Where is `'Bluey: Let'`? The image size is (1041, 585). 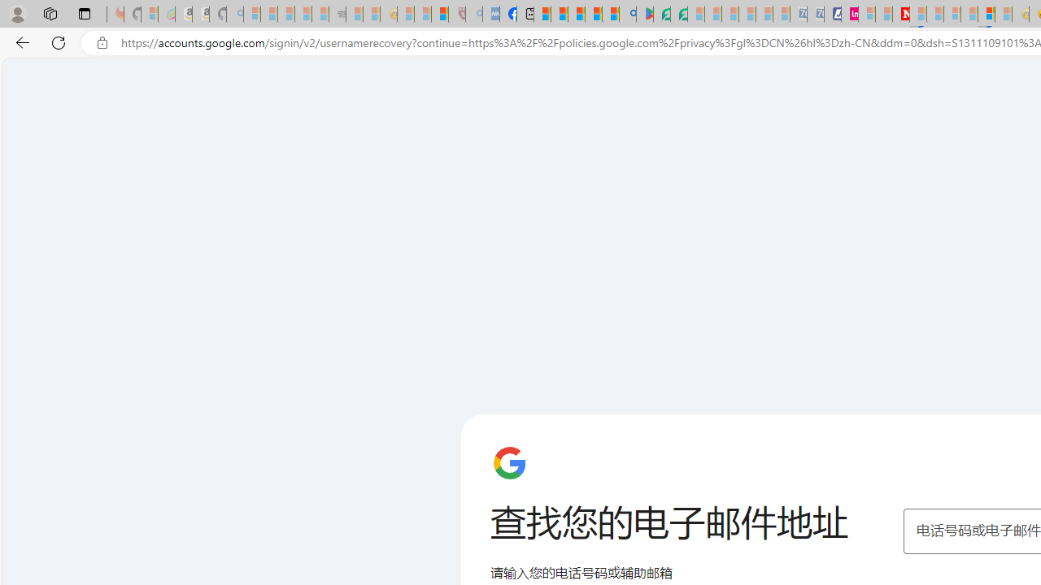 'Bluey: Let' is located at coordinates (643, 14).